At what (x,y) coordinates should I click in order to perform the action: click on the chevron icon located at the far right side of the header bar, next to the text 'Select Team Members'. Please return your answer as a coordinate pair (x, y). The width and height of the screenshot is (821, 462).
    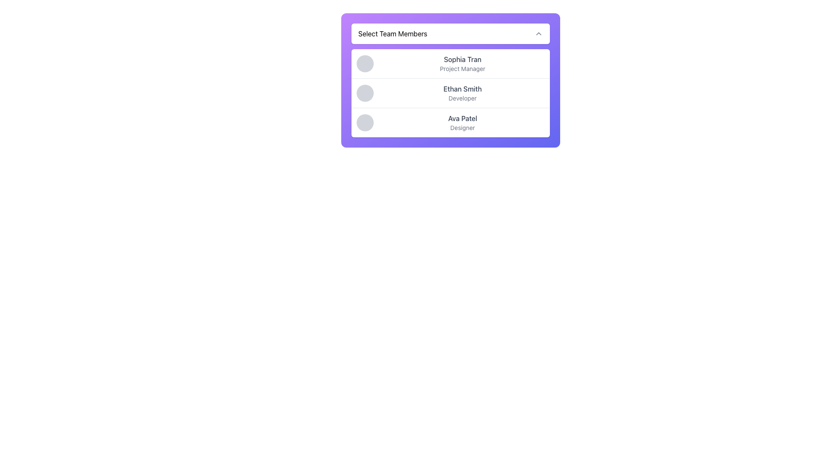
    Looking at the image, I should click on (538, 33).